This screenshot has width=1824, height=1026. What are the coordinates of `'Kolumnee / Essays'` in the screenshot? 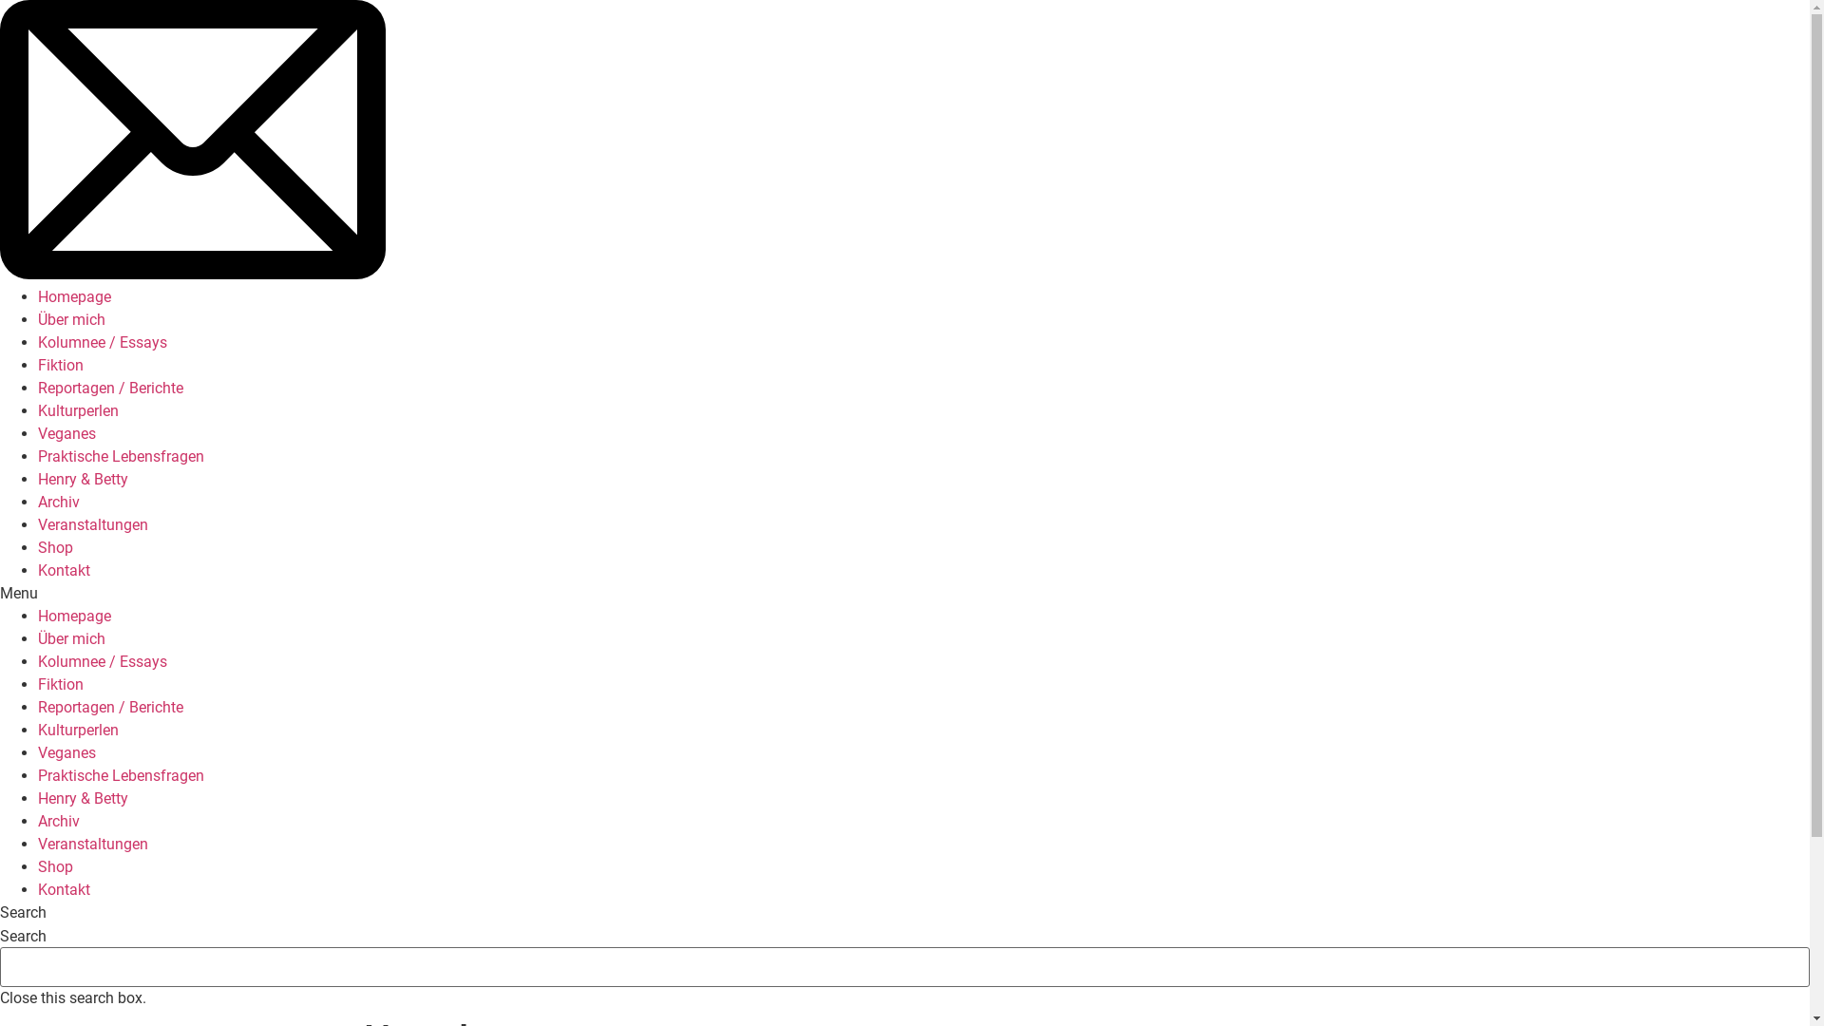 It's located at (101, 342).